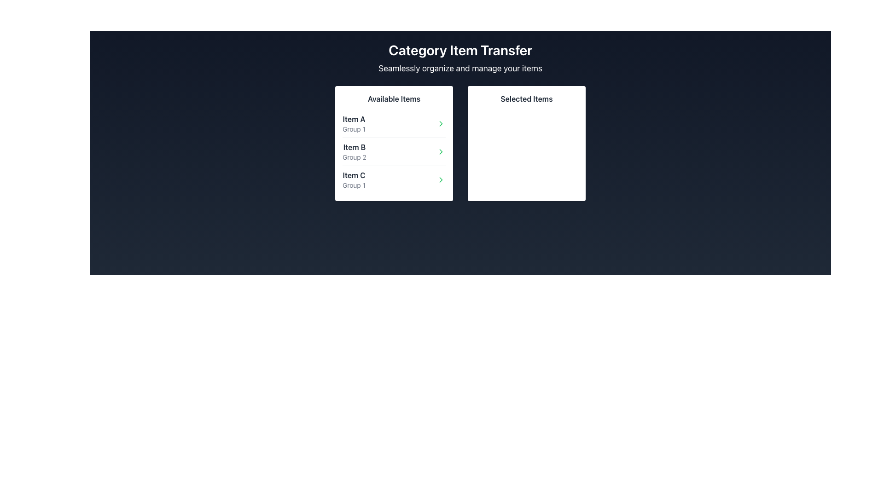 This screenshot has height=497, width=884. What do you see at coordinates (394, 99) in the screenshot?
I see `the bold, centered text label 'Available Items', which stands out as a section header with a larger font size and darker color against a light background` at bounding box center [394, 99].